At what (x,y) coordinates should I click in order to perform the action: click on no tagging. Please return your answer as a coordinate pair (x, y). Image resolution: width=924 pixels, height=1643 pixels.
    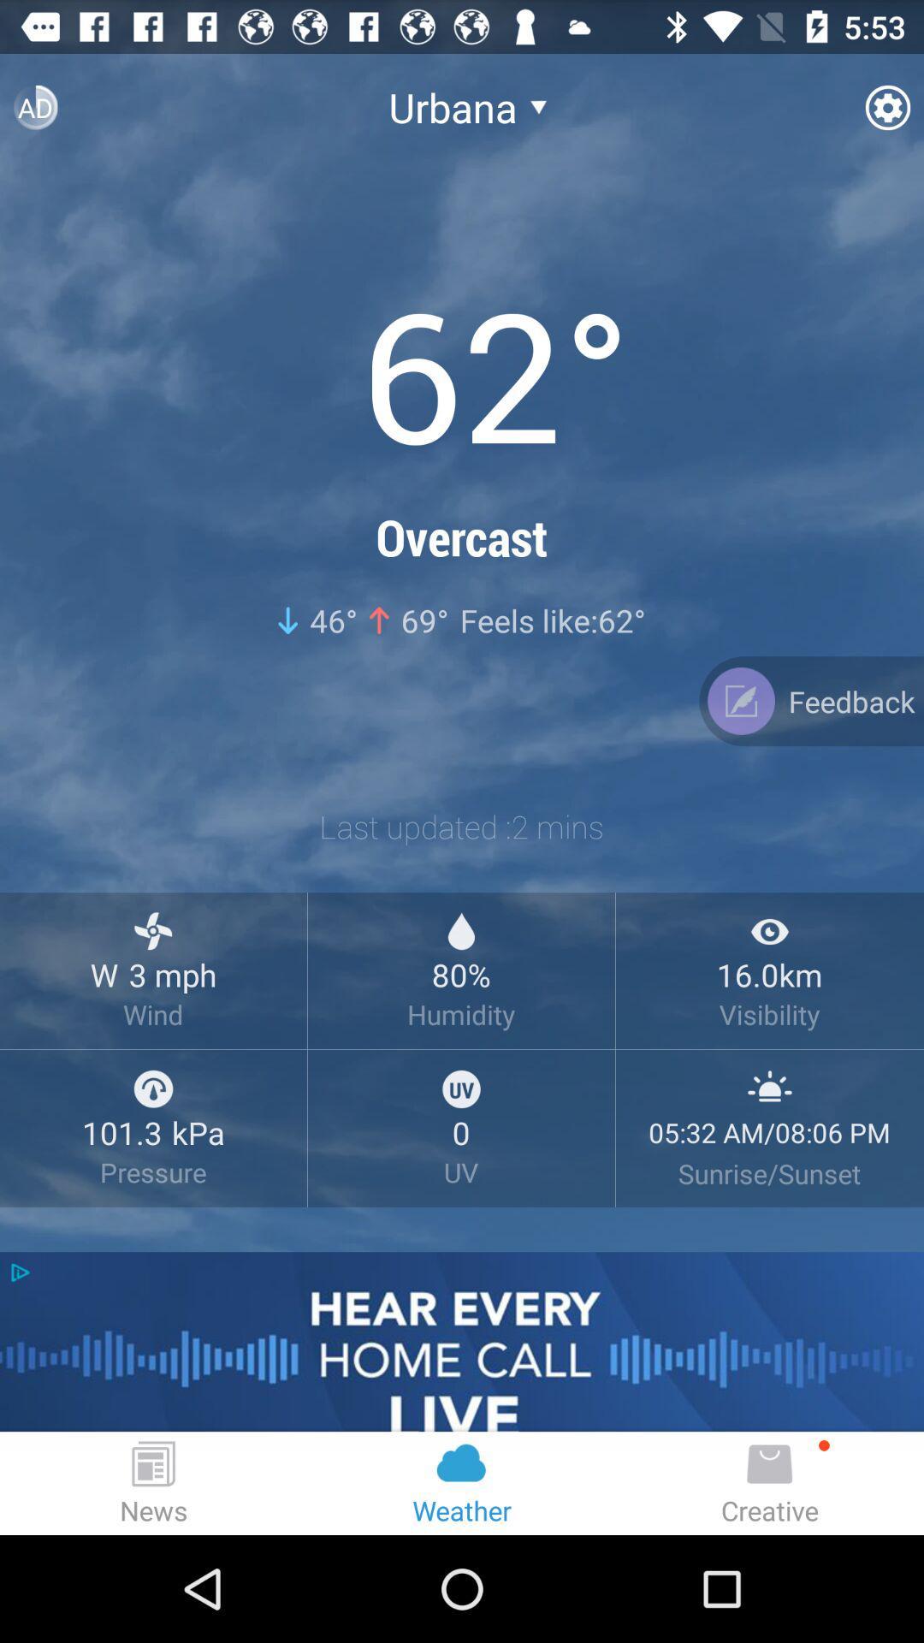
    Looking at the image, I should click on (462, 1048).